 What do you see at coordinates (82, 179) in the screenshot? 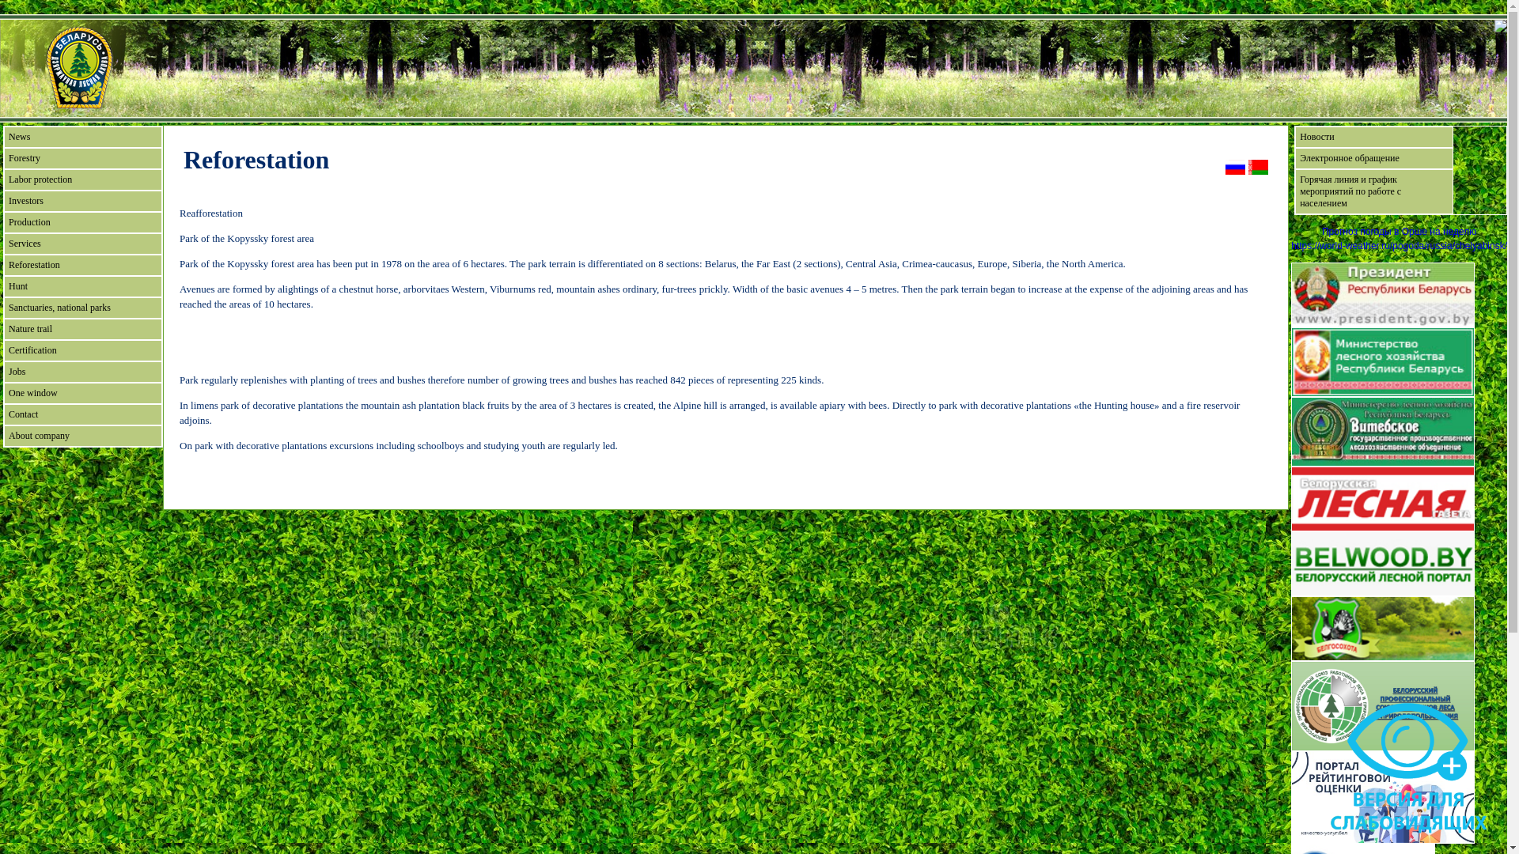
I see `'Labor protection'` at bounding box center [82, 179].